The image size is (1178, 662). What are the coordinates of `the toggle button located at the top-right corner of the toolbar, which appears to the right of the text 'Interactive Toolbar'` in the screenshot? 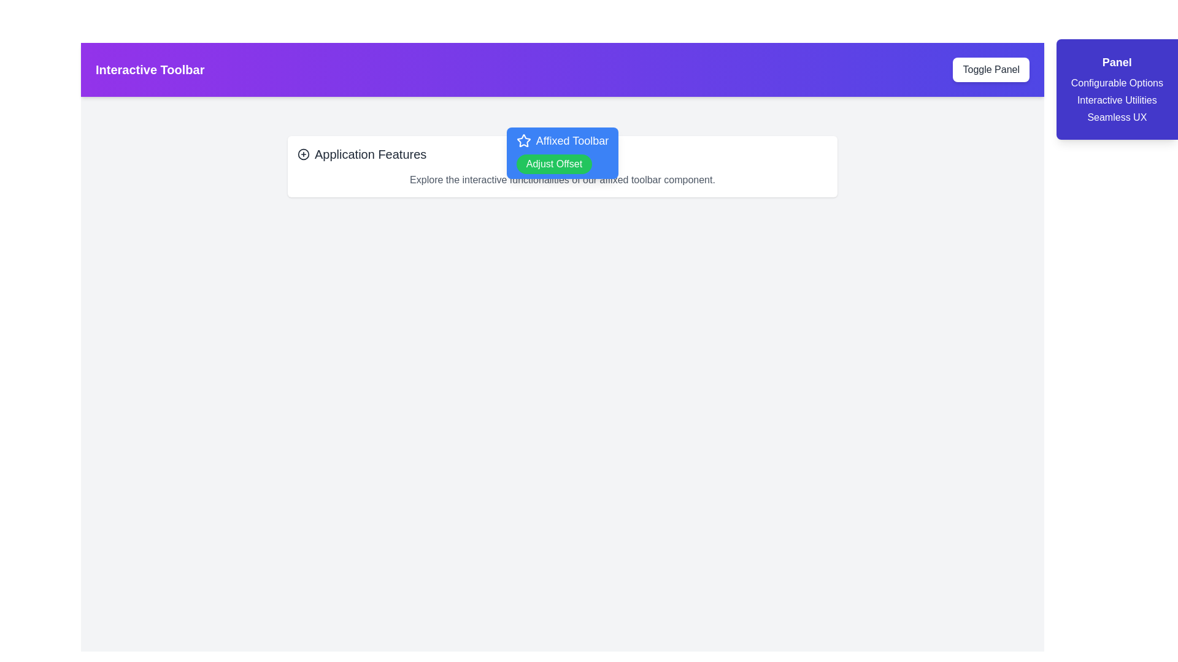 It's located at (991, 70).